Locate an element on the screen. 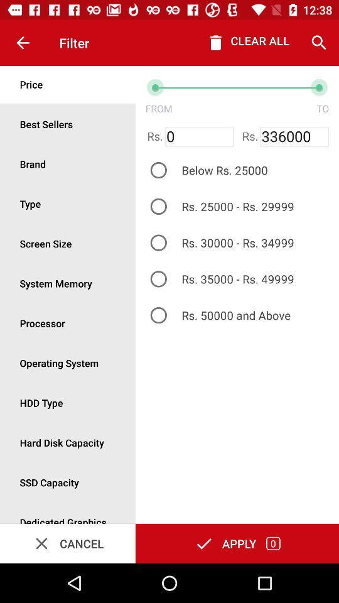 This screenshot has width=339, height=603. item next to the clear all is located at coordinates (319, 43).